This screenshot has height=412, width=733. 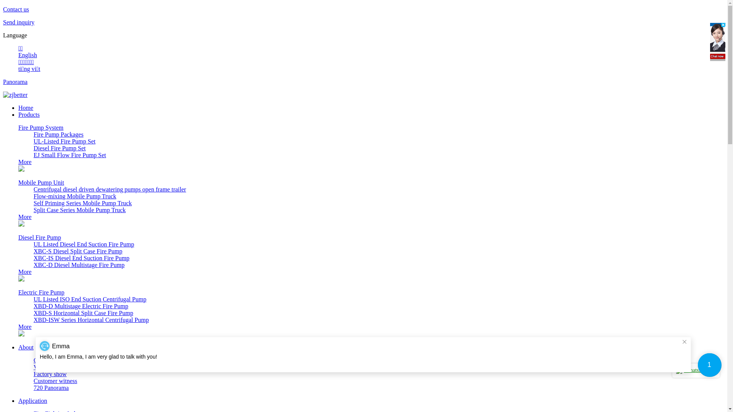 What do you see at coordinates (33, 203) in the screenshot?
I see `'Self Priming Series Mobile Pump Truck'` at bounding box center [33, 203].